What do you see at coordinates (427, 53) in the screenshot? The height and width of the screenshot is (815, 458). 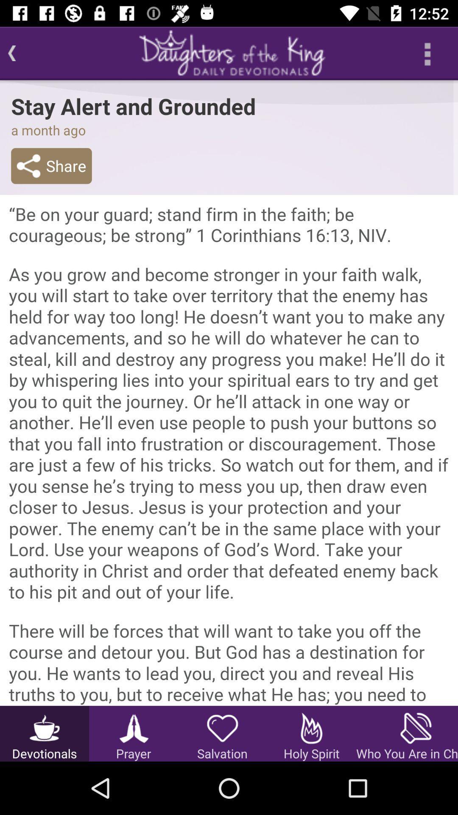 I see `the more icon` at bounding box center [427, 53].